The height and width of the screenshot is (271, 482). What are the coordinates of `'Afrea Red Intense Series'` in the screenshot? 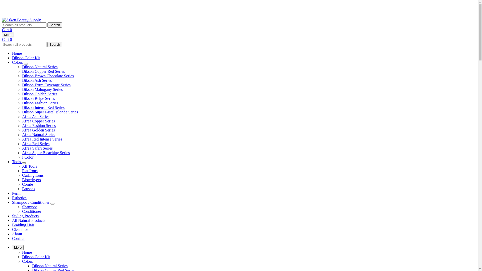 It's located at (42, 139).